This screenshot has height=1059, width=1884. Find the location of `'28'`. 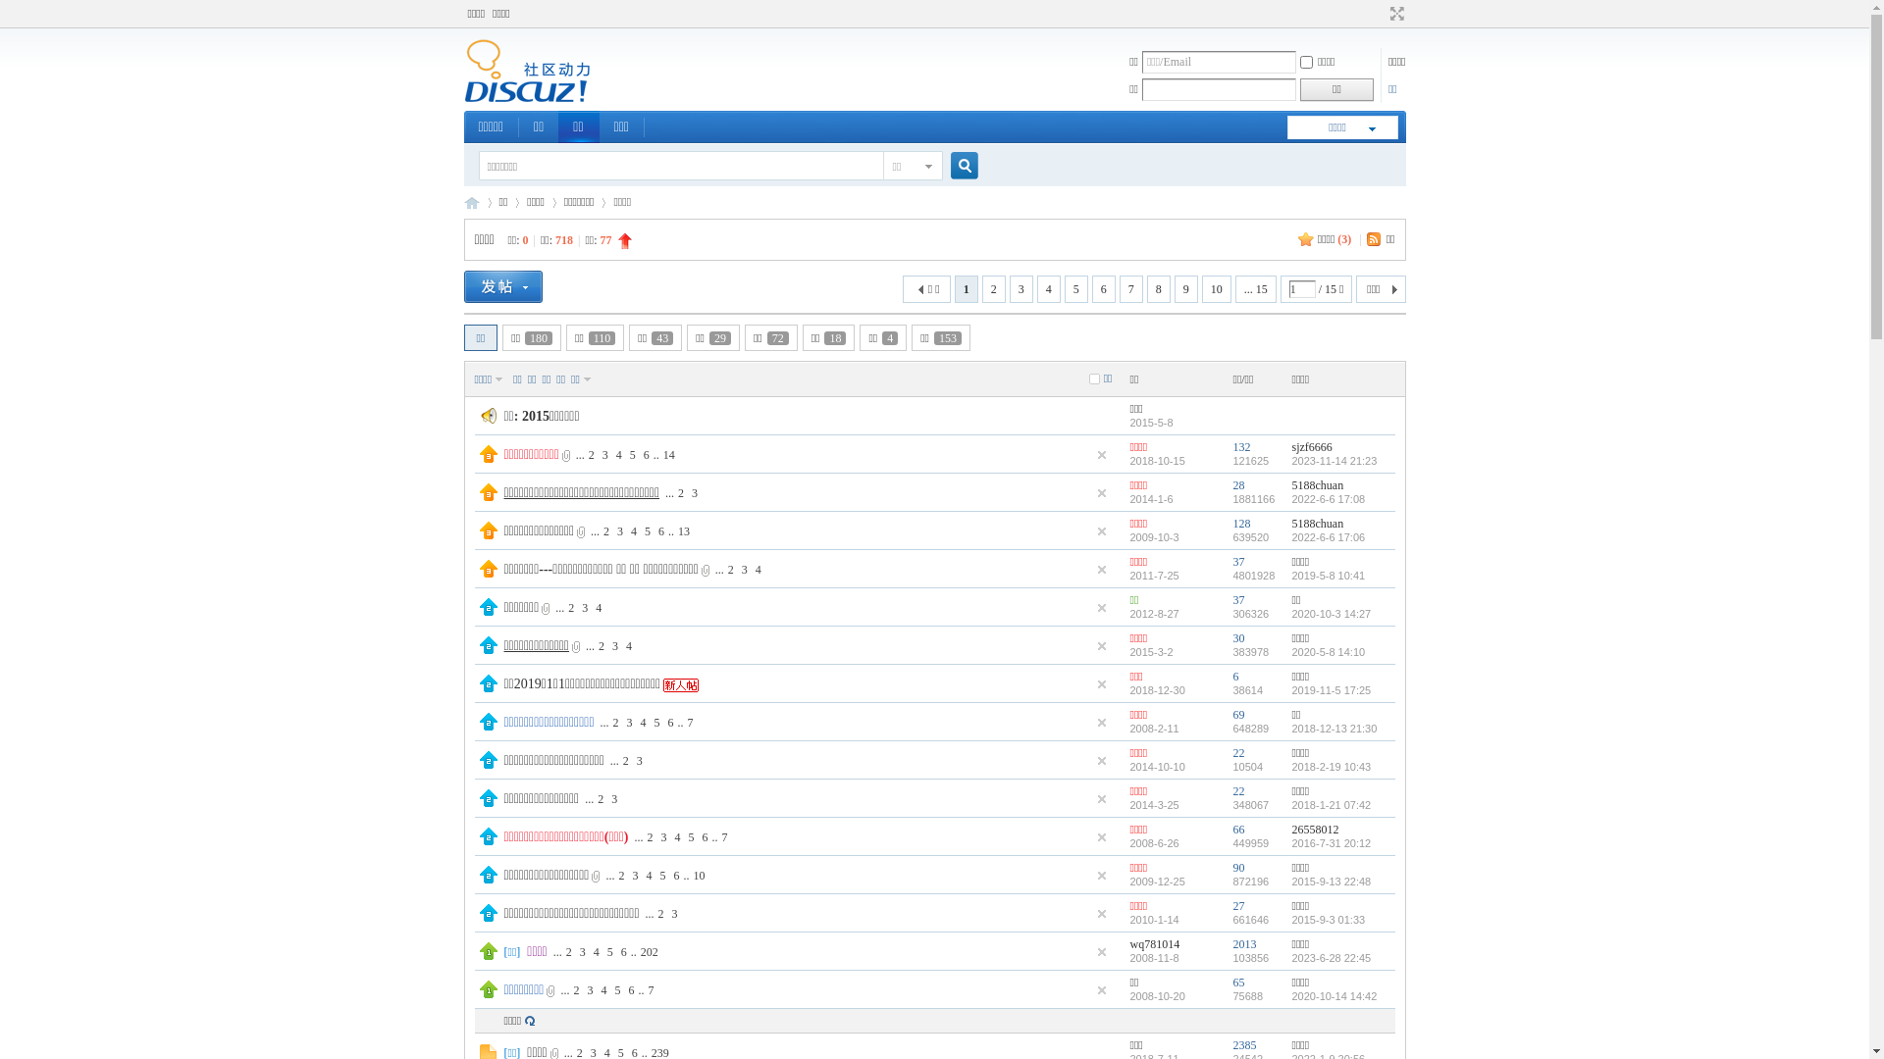

'28' is located at coordinates (1237, 484).